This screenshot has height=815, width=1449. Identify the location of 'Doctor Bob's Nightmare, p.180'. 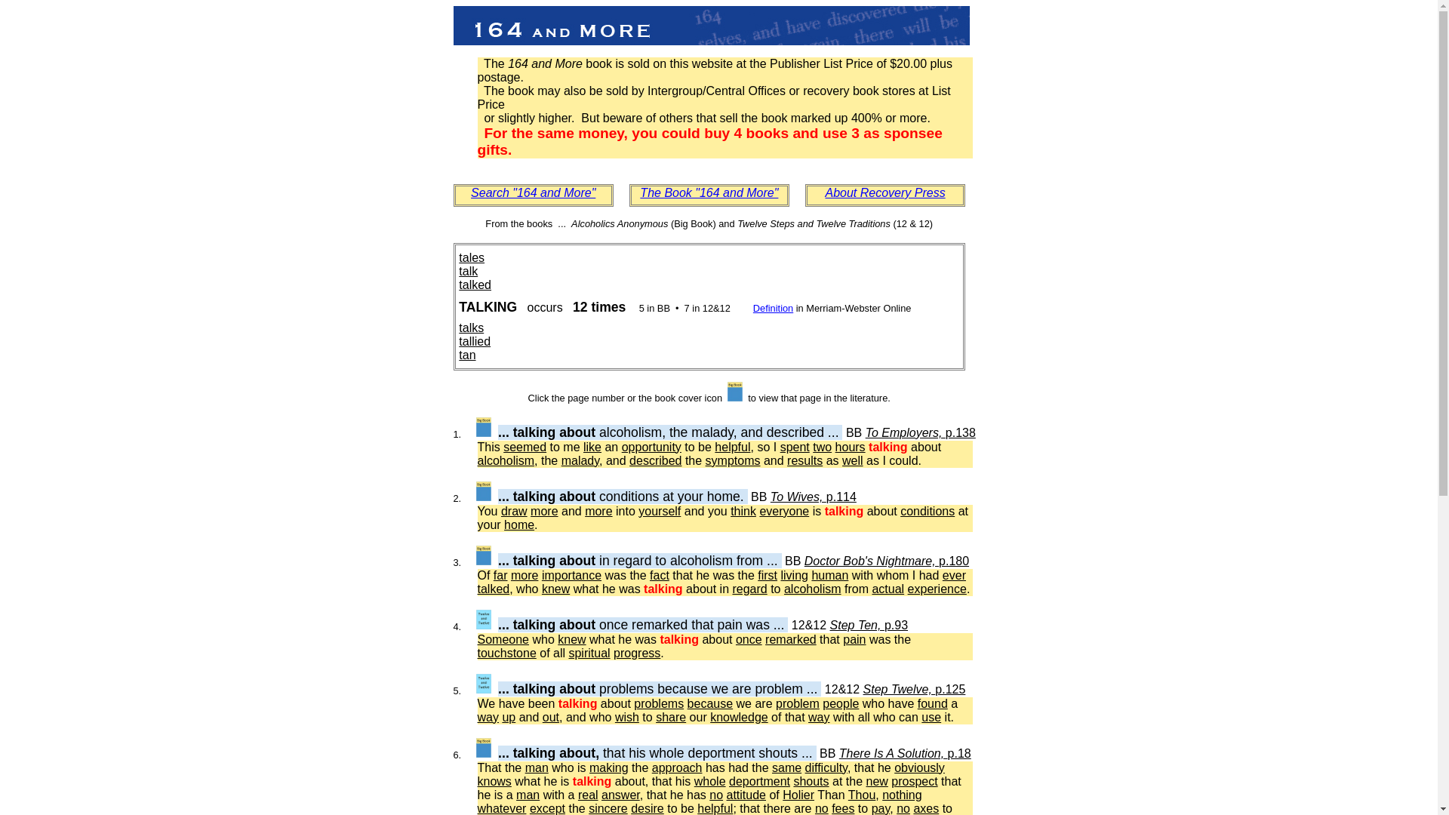
(803, 561).